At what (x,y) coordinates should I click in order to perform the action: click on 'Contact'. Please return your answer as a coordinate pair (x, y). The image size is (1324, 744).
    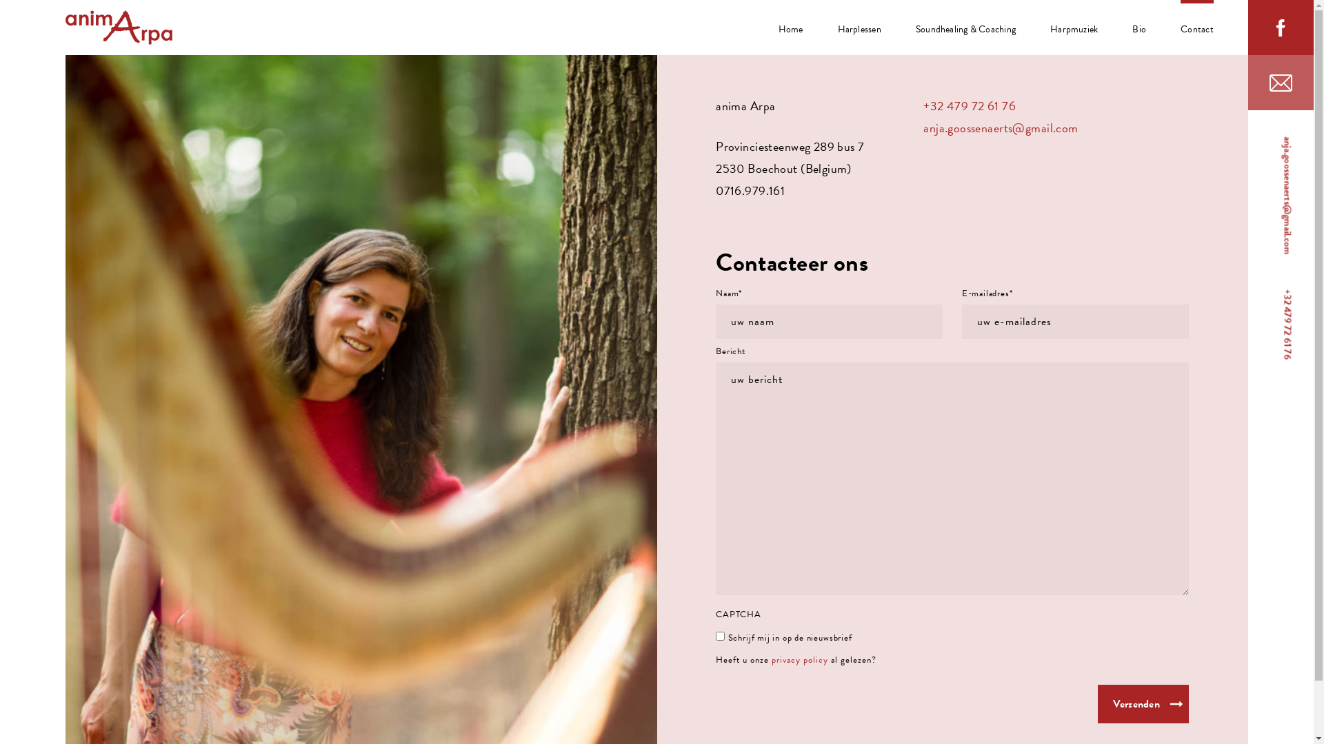
    Looking at the image, I should click on (1180, 28).